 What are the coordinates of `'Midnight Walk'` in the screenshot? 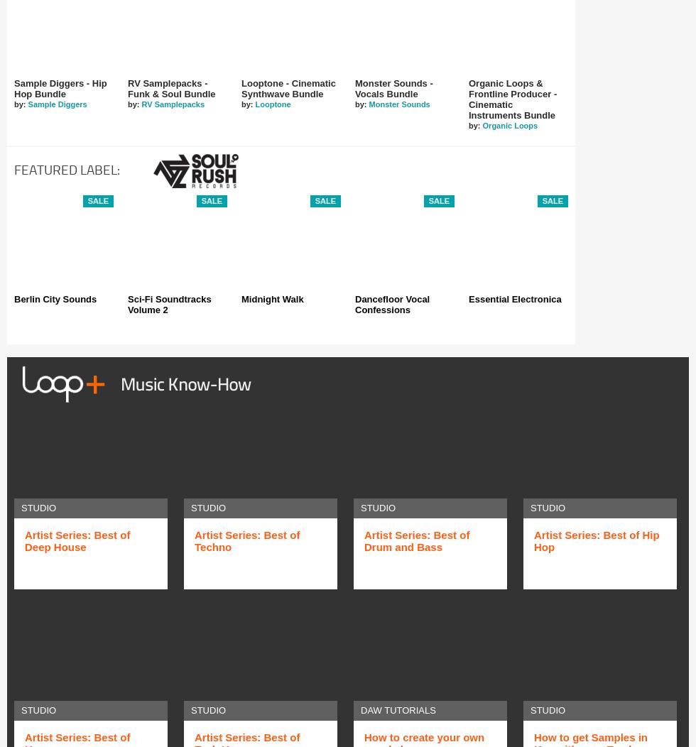 It's located at (272, 298).